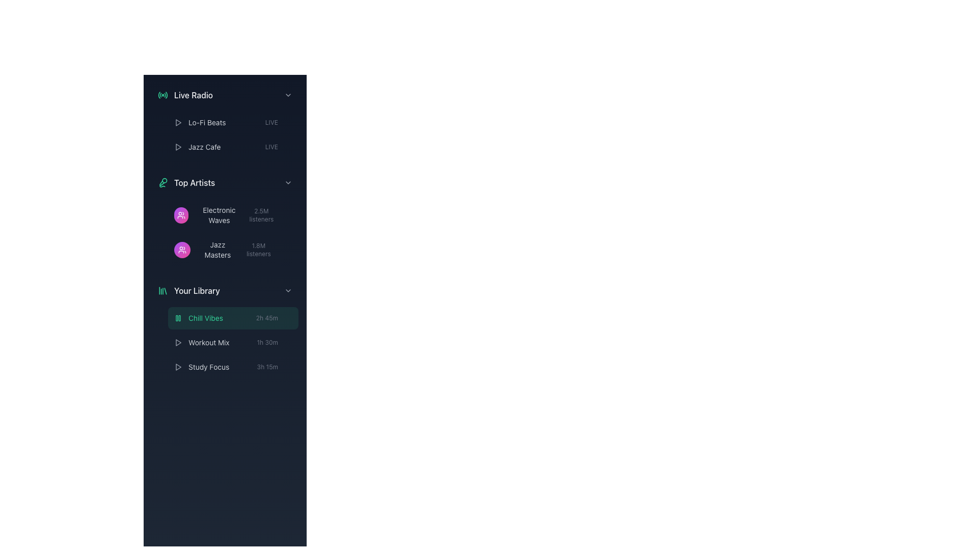 Image resolution: width=978 pixels, height=550 pixels. What do you see at coordinates (232, 342) in the screenshot?
I see `the 'Workout Mix' playlist entry in the library navigation menu` at bounding box center [232, 342].